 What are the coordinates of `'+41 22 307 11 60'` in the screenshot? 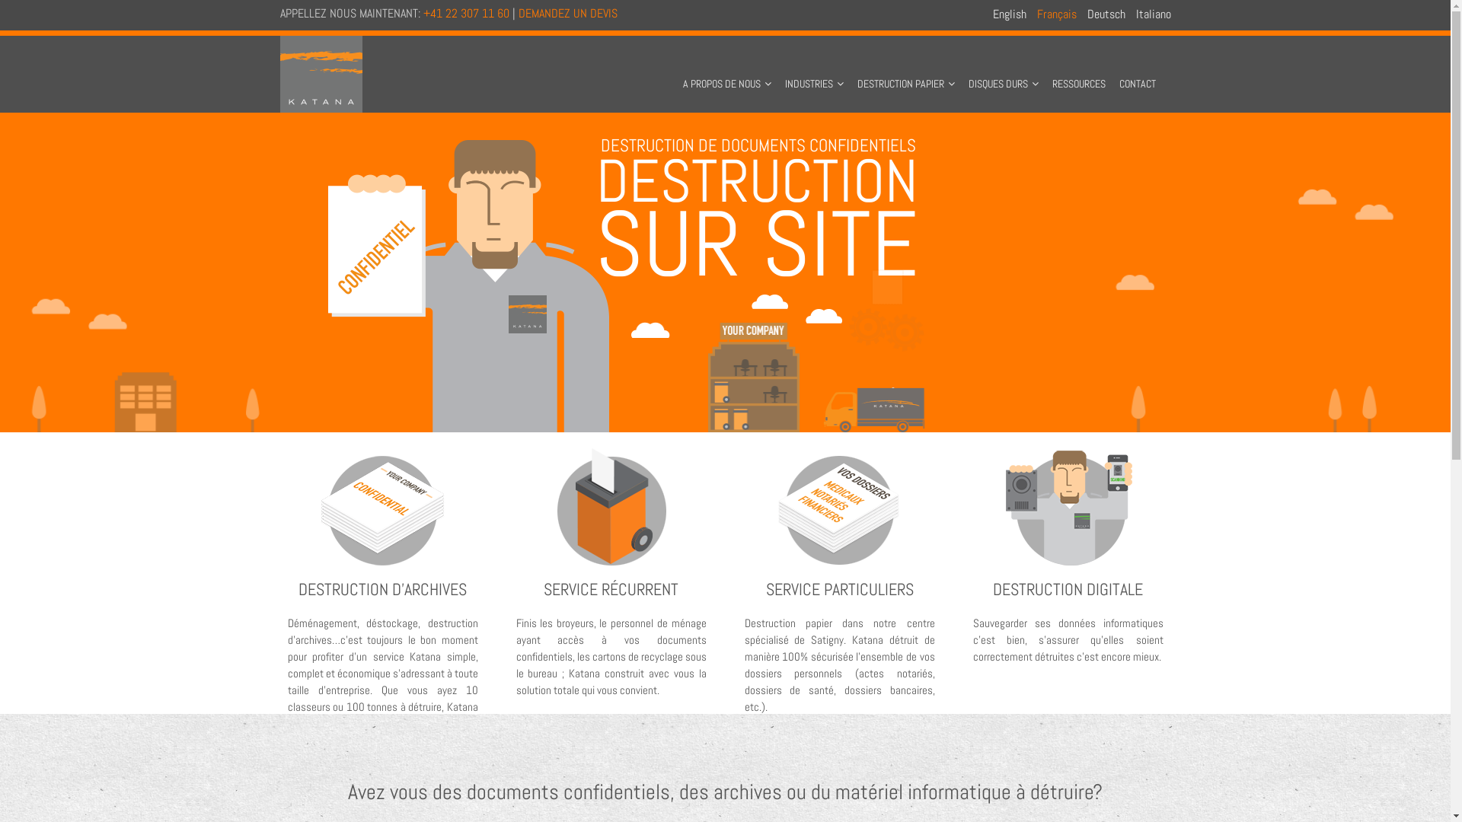 It's located at (465, 13).